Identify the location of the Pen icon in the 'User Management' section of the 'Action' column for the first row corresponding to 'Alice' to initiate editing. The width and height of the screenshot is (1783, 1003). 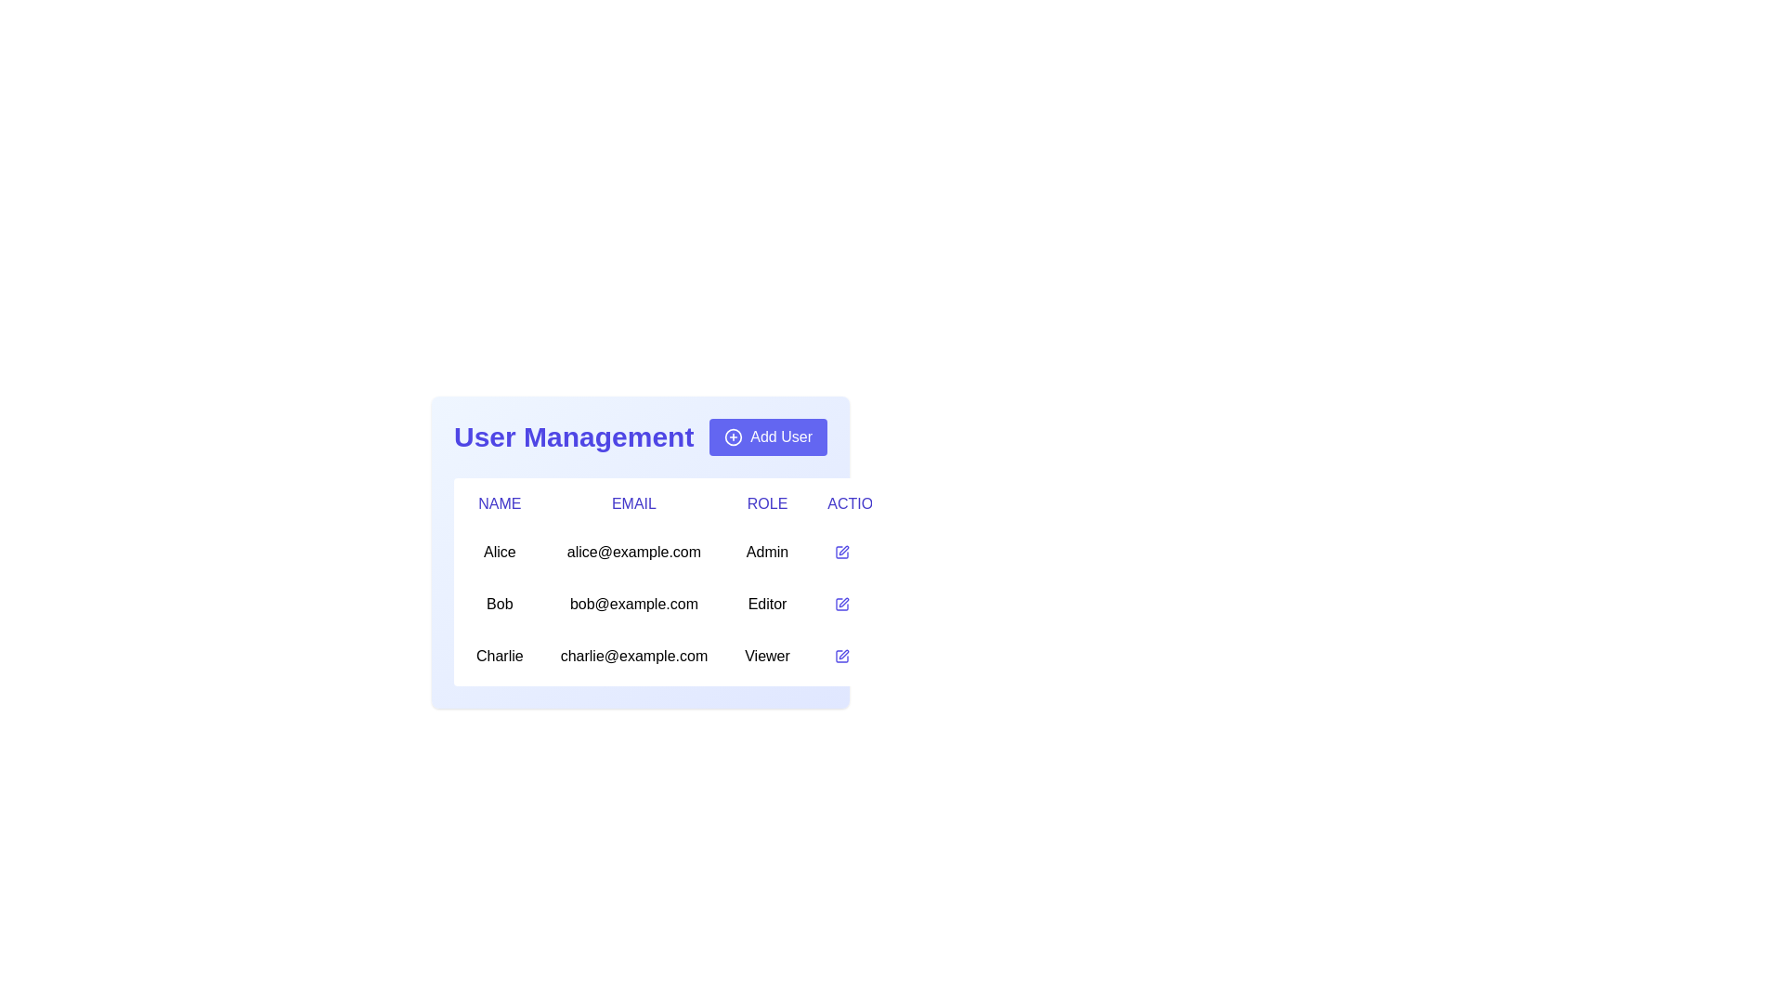
(840, 551).